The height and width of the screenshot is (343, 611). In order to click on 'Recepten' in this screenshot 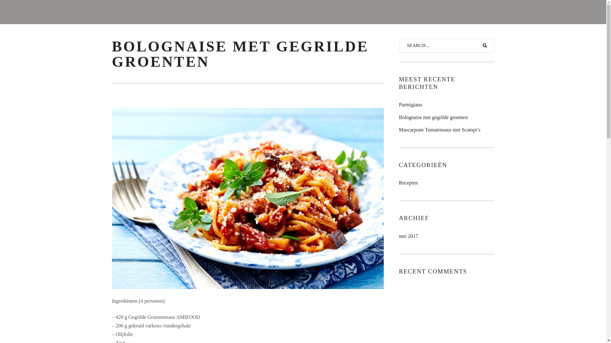, I will do `click(408, 183)`.